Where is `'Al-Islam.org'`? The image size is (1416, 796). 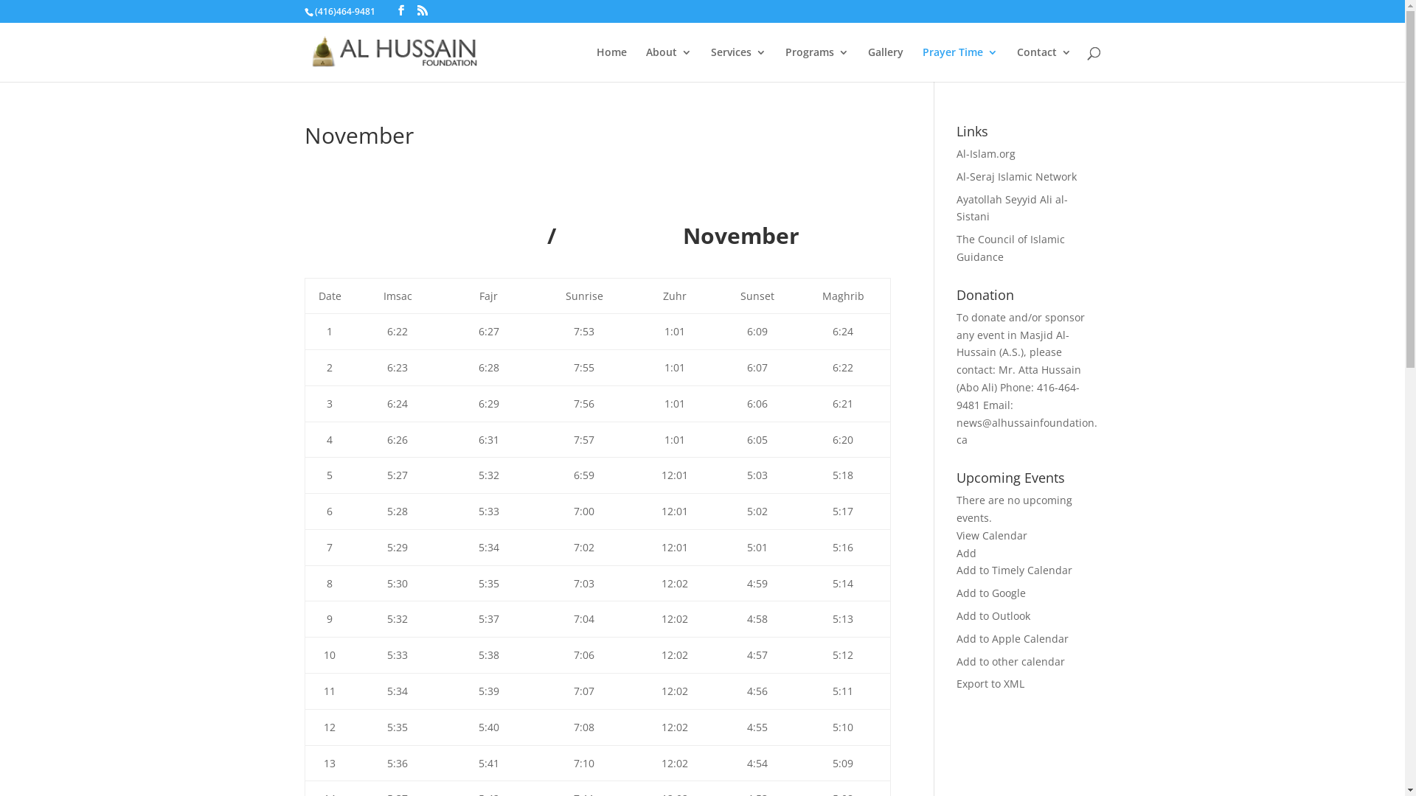 'Al-Islam.org' is located at coordinates (986, 153).